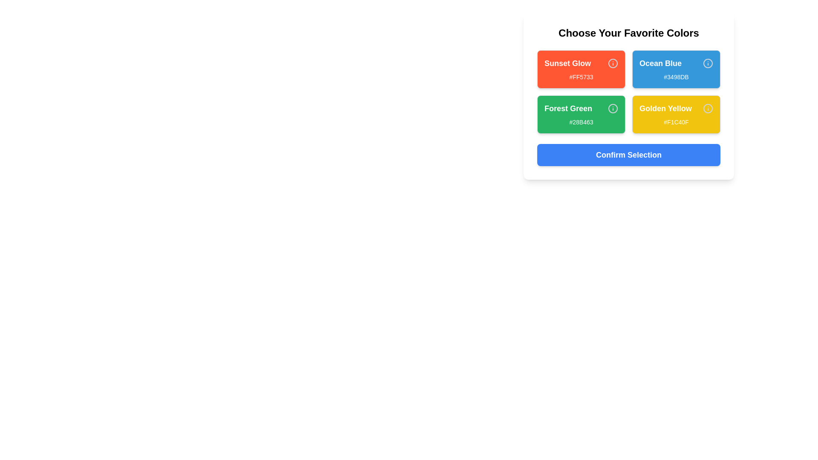  What do you see at coordinates (581, 114) in the screenshot?
I see `the color card labeled Forest Green to inspect its color representation` at bounding box center [581, 114].